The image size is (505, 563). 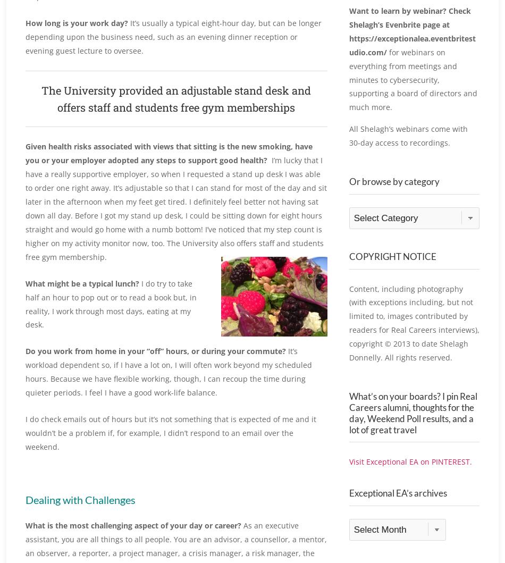 What do you see at coordinates (111, 303) in the screenshot?
I see `'I do try to take half an hour to pop out or to read a book but, in reality, I work through most days, eating at my desk.'` at bounding box center [111, 303].